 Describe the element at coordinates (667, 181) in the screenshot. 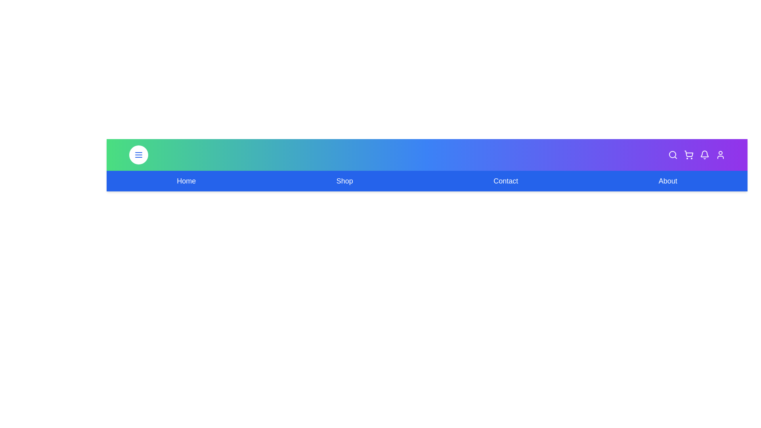

I see `the navigation link for About` at that location.